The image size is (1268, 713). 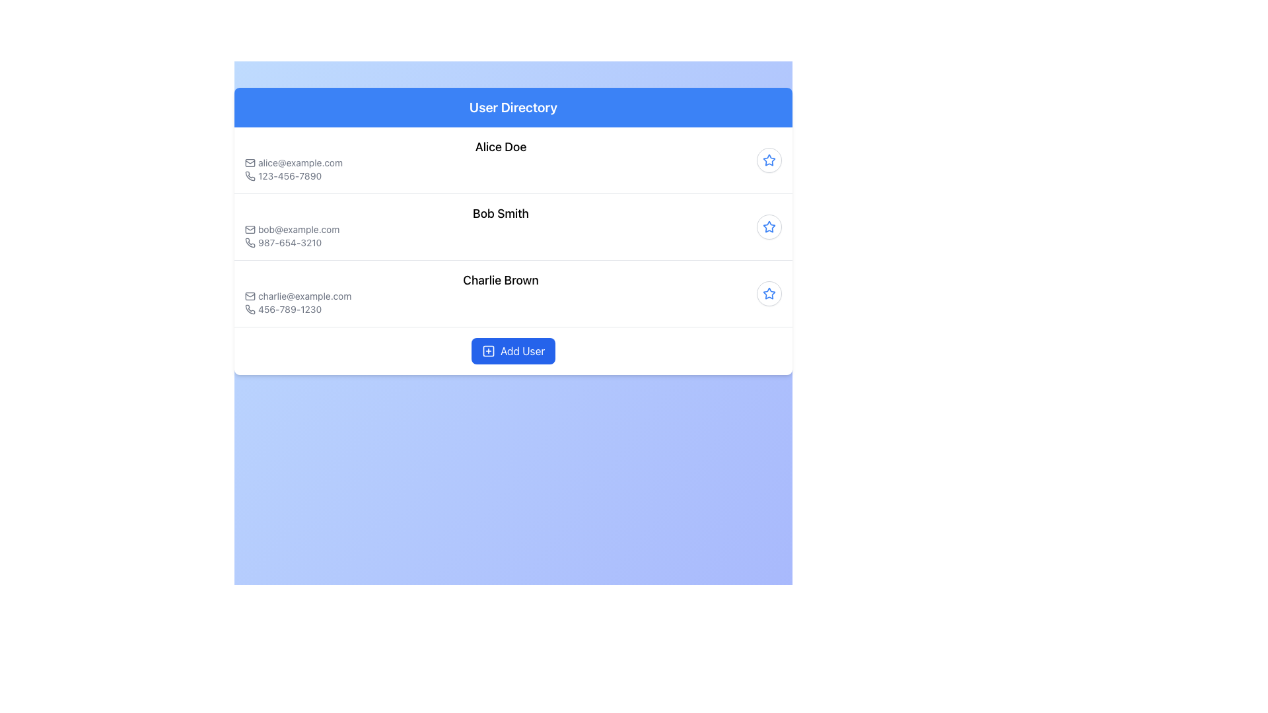 I want to click on the telephone receiver icon located to the left of Charlie Brown's phone number '456-789-1230' in the user directory list, so click(x=250, y=309).